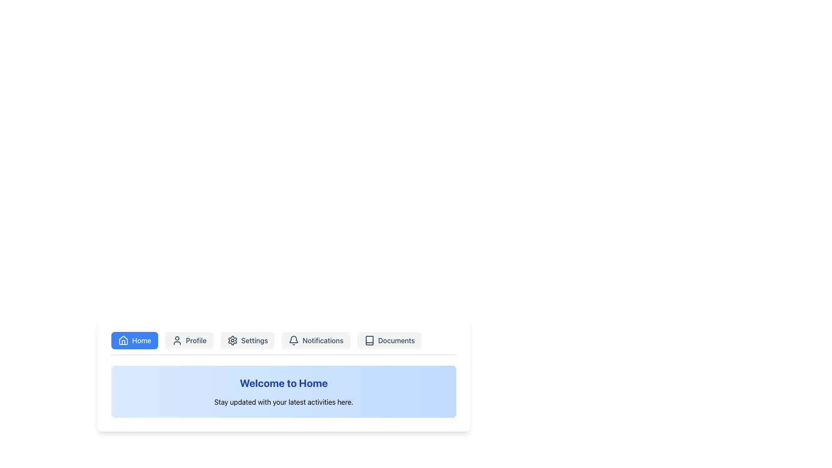 This screenshot has width=832, height=468. What do you see at coordinates (294, 340) in the screenshot?
I see `the bell icon in the 'Notifications' button located in the top navigation bar, which is the fourth element from the left` at bounding box center [294, 340].